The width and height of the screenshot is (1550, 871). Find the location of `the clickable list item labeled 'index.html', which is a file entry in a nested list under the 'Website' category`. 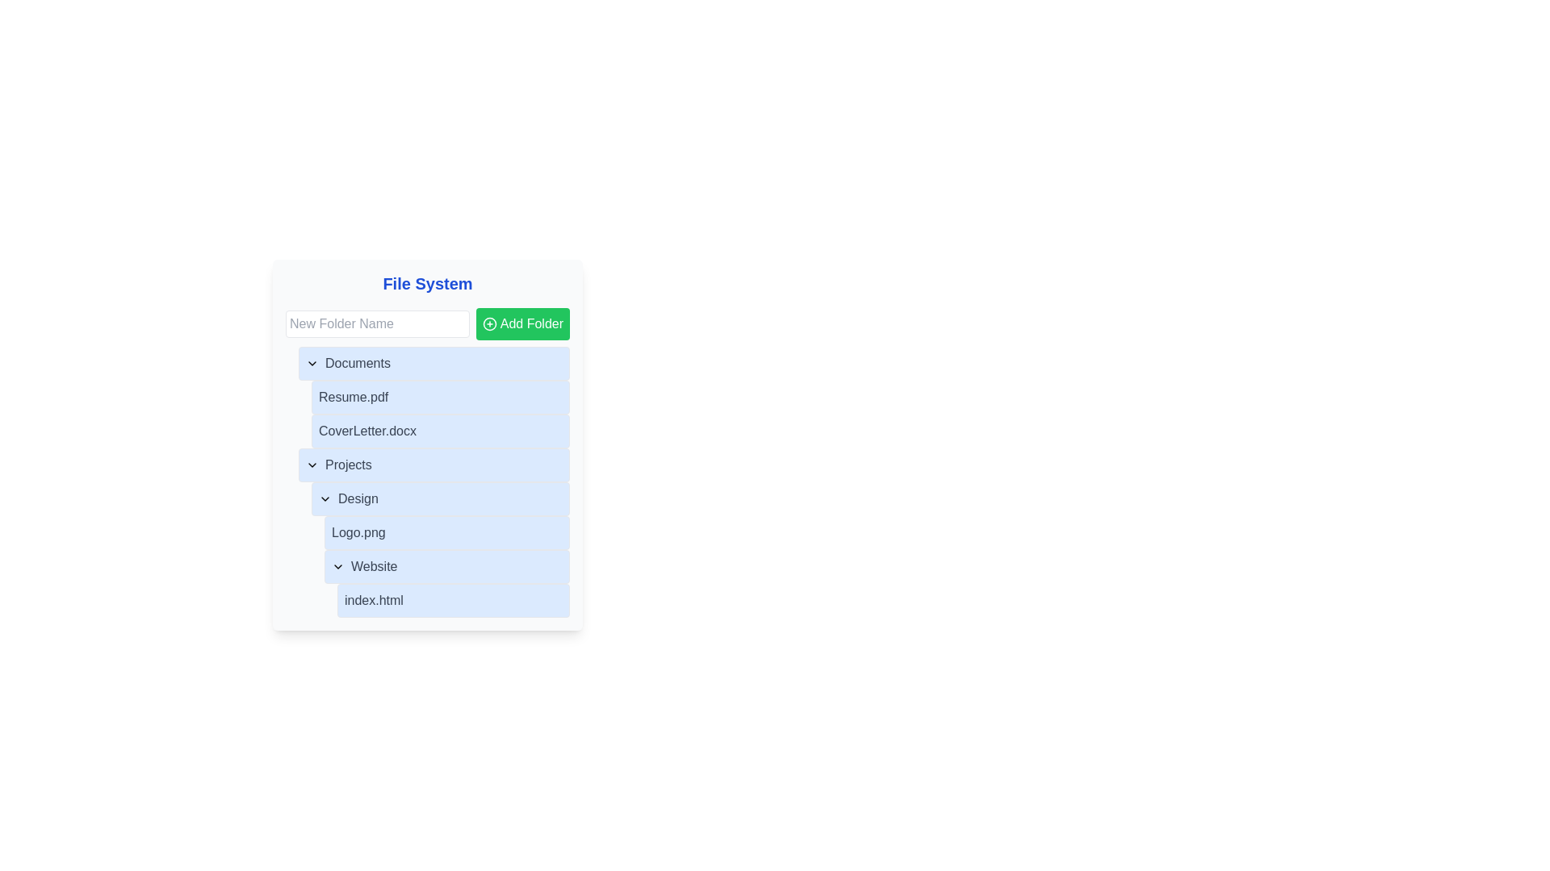

the clickable list item labeled 'index.html', which is a file entry in a nested list under the 'Website' category is located at coordinates (452, 600).